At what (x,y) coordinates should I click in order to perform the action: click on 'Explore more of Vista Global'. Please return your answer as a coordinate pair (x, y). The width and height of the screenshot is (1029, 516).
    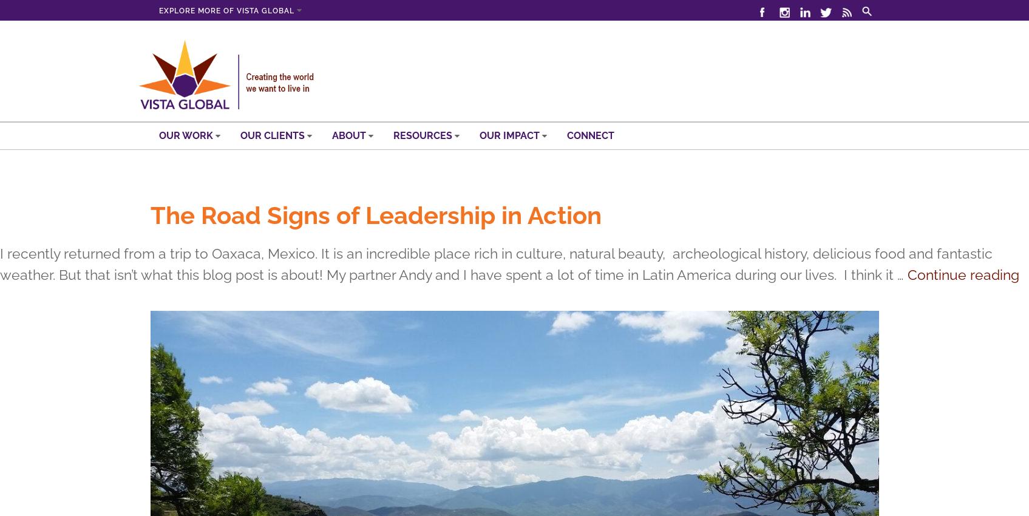
    Looking at the image, I should click on (226, 10).